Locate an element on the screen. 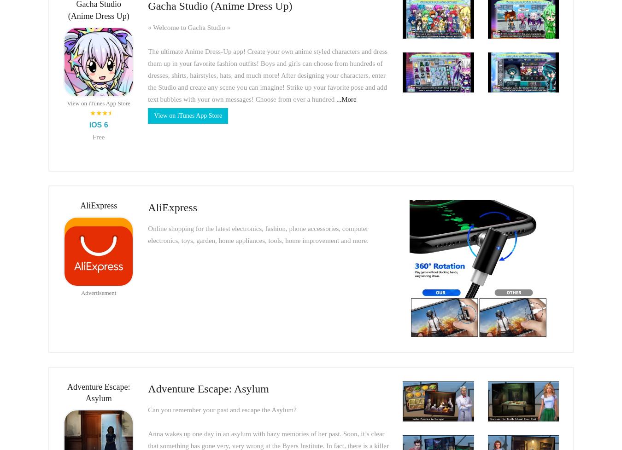 This screenshot has height=450, width=622. '...More' is located at coordinates (346, 98).